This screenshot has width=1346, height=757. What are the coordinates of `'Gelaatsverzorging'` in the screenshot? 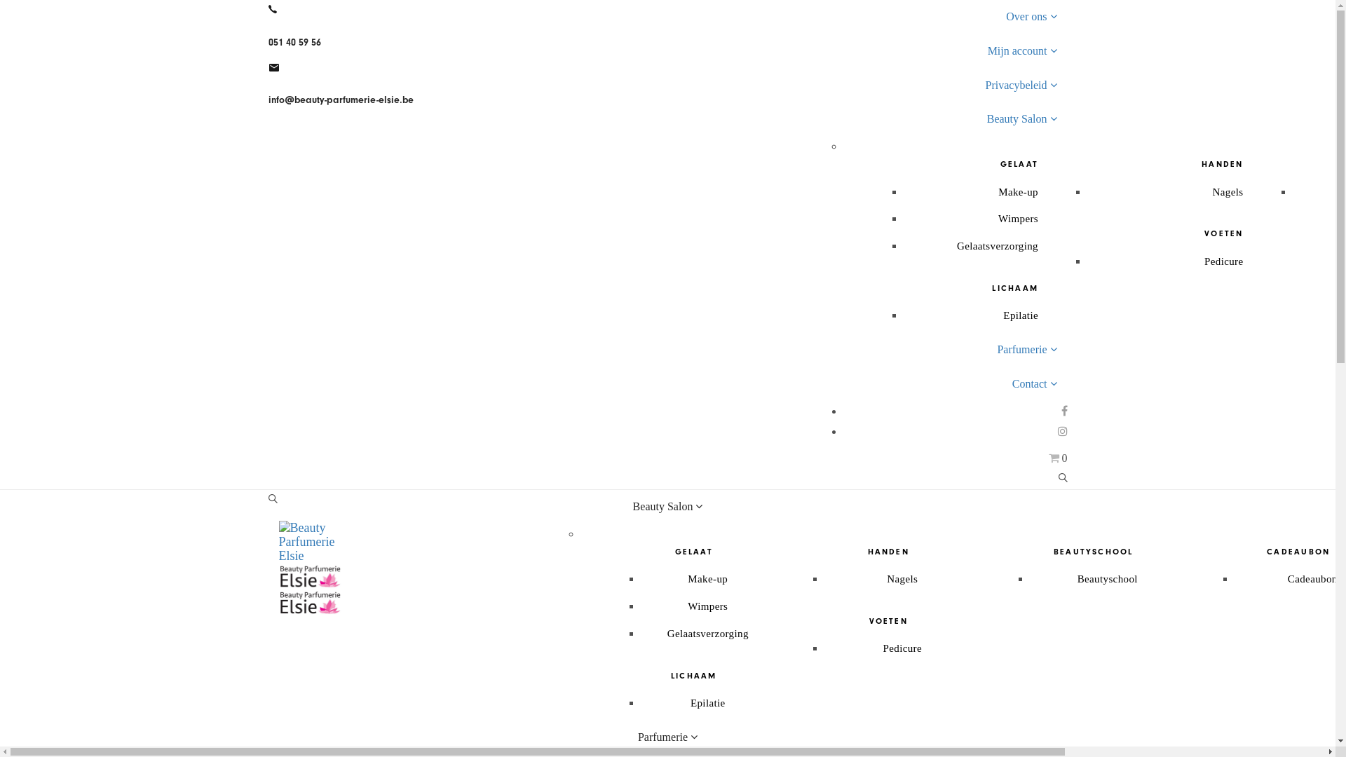 It's located at (996, 245).